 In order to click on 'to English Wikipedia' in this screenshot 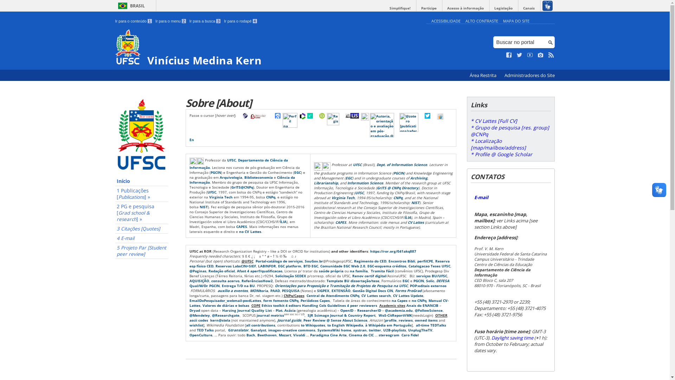, I will do `click(345, 325)`.